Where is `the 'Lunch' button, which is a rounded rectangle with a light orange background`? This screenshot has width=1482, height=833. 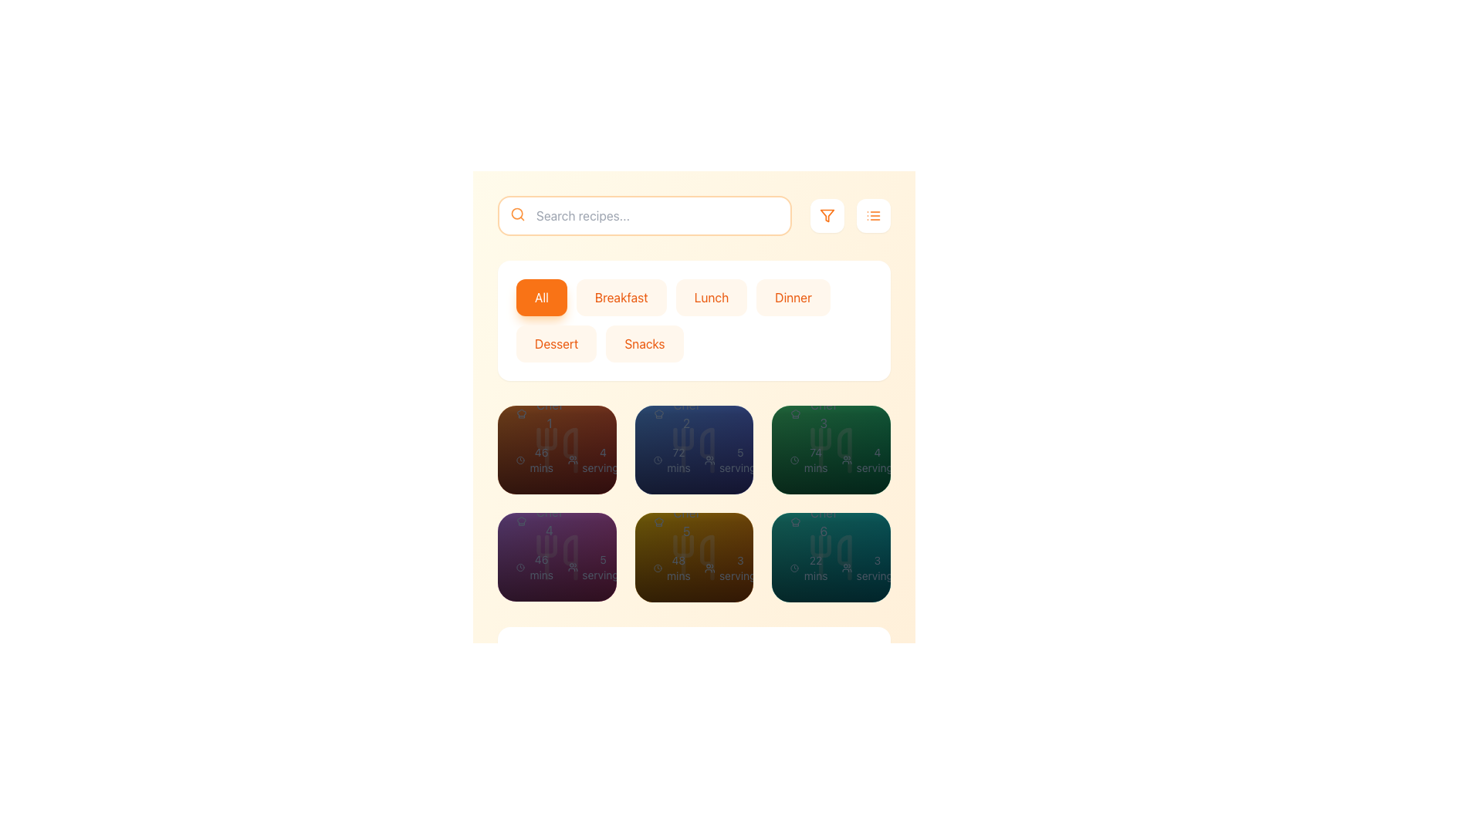 the 'Lunch' button, which is a rounded rectangle with a light orange background is located at coordinates (710, 297).